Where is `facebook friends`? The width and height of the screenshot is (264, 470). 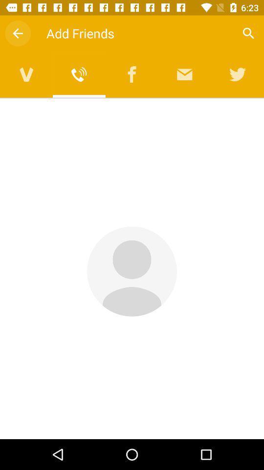
facebook friends is located at coordinates (132, 74).